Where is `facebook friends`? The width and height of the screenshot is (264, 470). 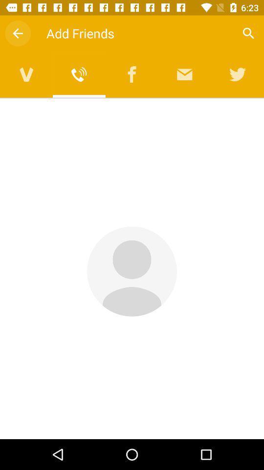
facebook friends is located at coordinates (132, 74).